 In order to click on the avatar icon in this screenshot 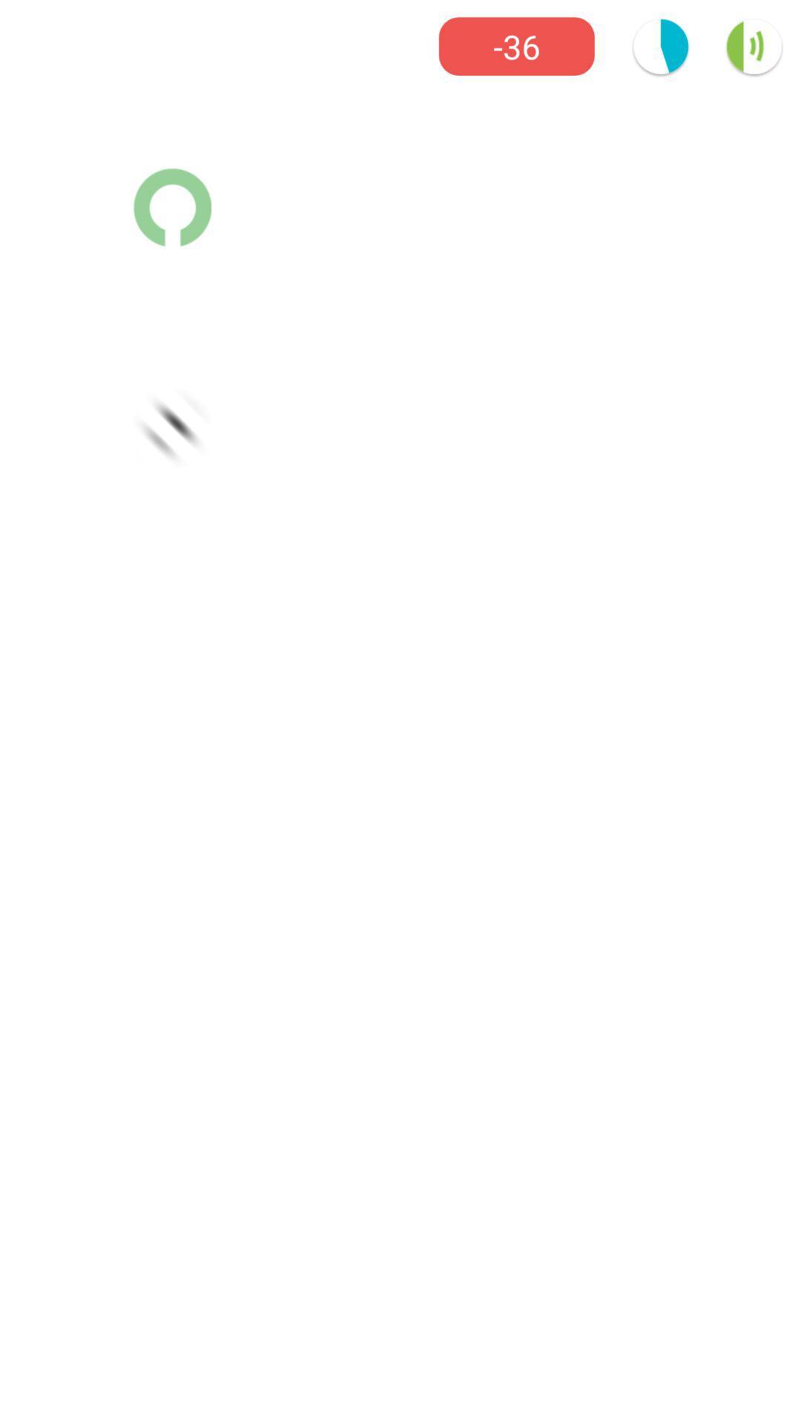, I will do `click(171, 206)`.